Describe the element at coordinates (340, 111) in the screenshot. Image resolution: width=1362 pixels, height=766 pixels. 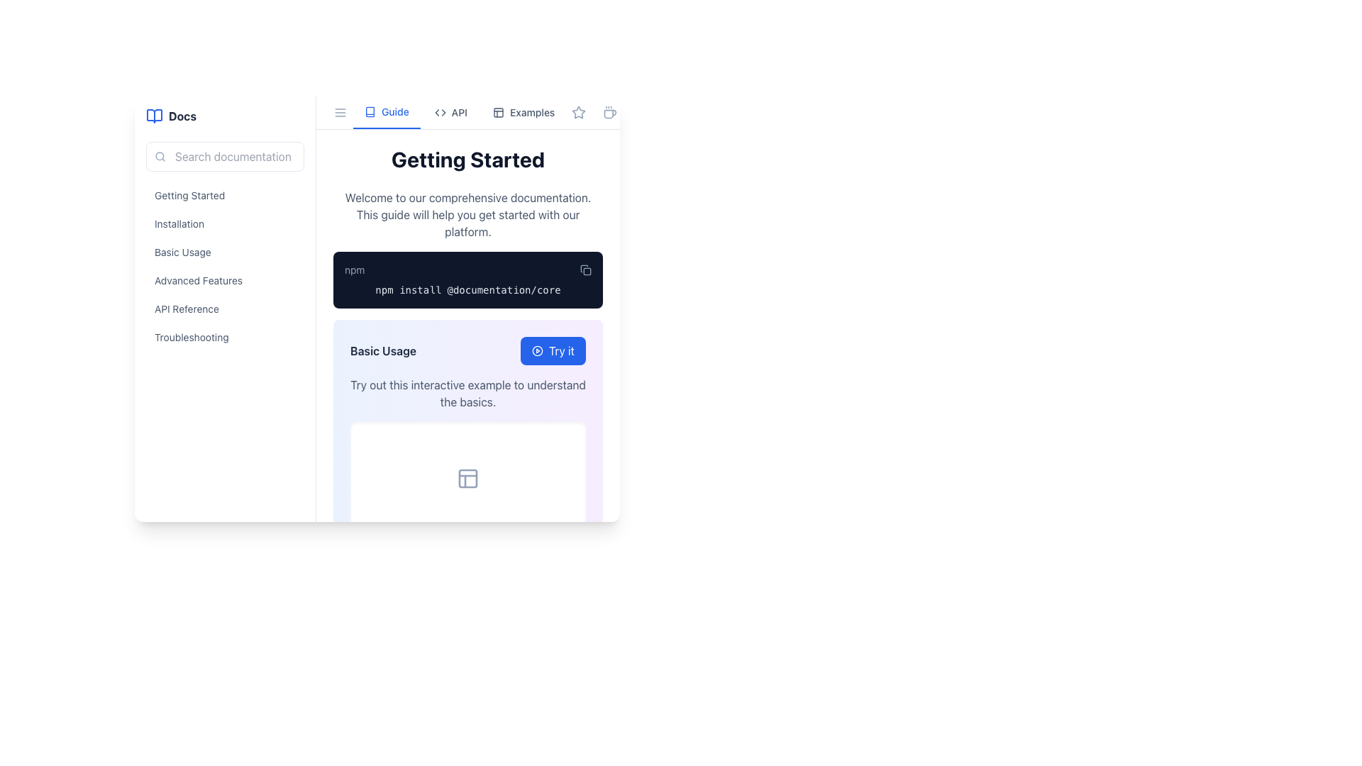
I see `the menu icon, which is represented by three horizontally aligned lines, located centrally in the top navigation bar` at that location.